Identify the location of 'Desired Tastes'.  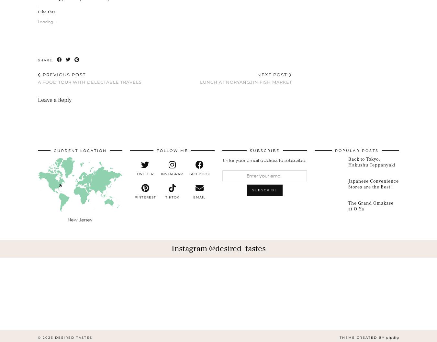
(55, 337).